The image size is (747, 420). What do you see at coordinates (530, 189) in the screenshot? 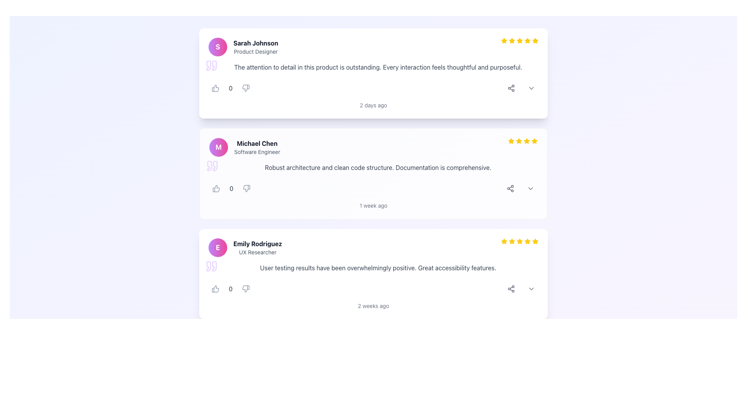
I see `the downward-pointing chevron icon located within the second feedback card` at bounding box center [530, 189].